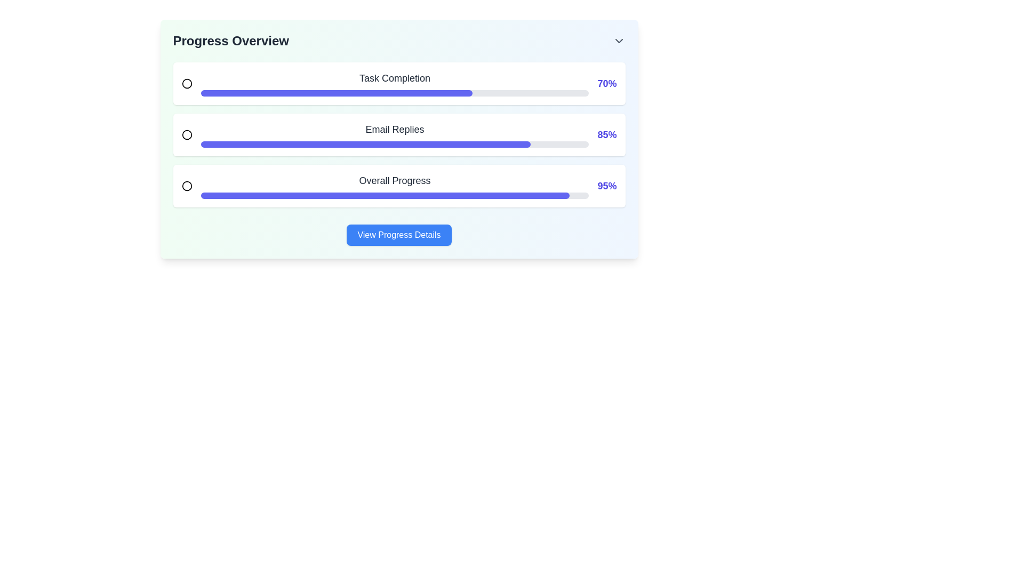 This screenshot has width=1024, height=576. Describe the element at coordinates (619, 41) in the screenshot. I see `the Icon Button that toggles the dropdown for the 'Progress Overview' section` at that location.